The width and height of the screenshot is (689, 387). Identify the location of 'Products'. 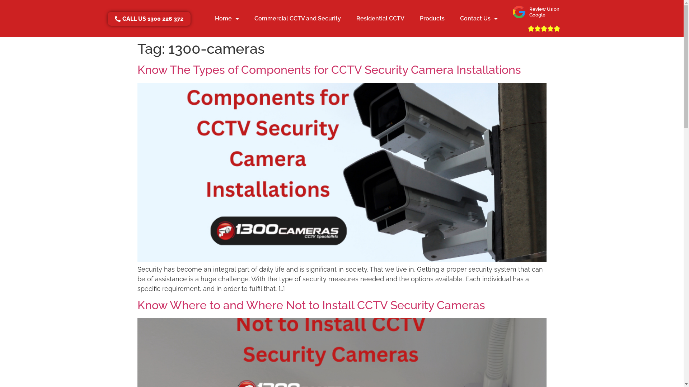
(432, 18).